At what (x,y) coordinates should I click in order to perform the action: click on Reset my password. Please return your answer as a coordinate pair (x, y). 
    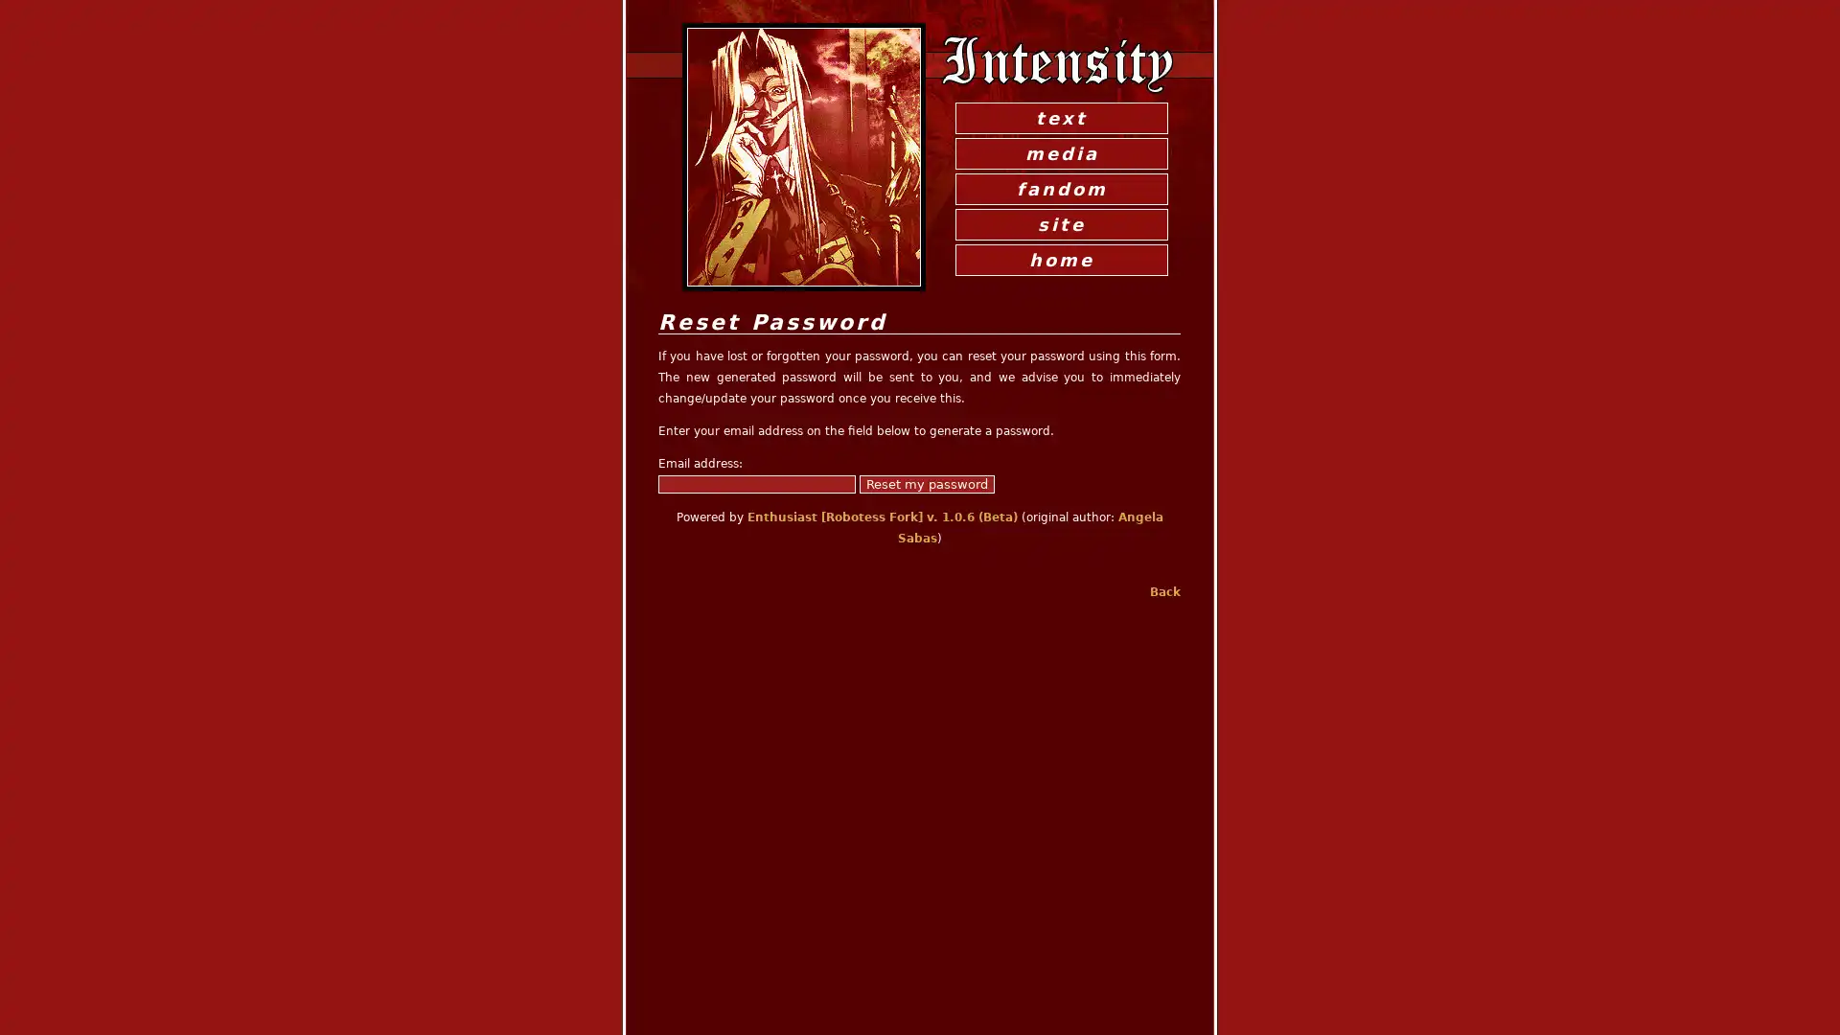
    Looking at the image, I should click on (927, 483).